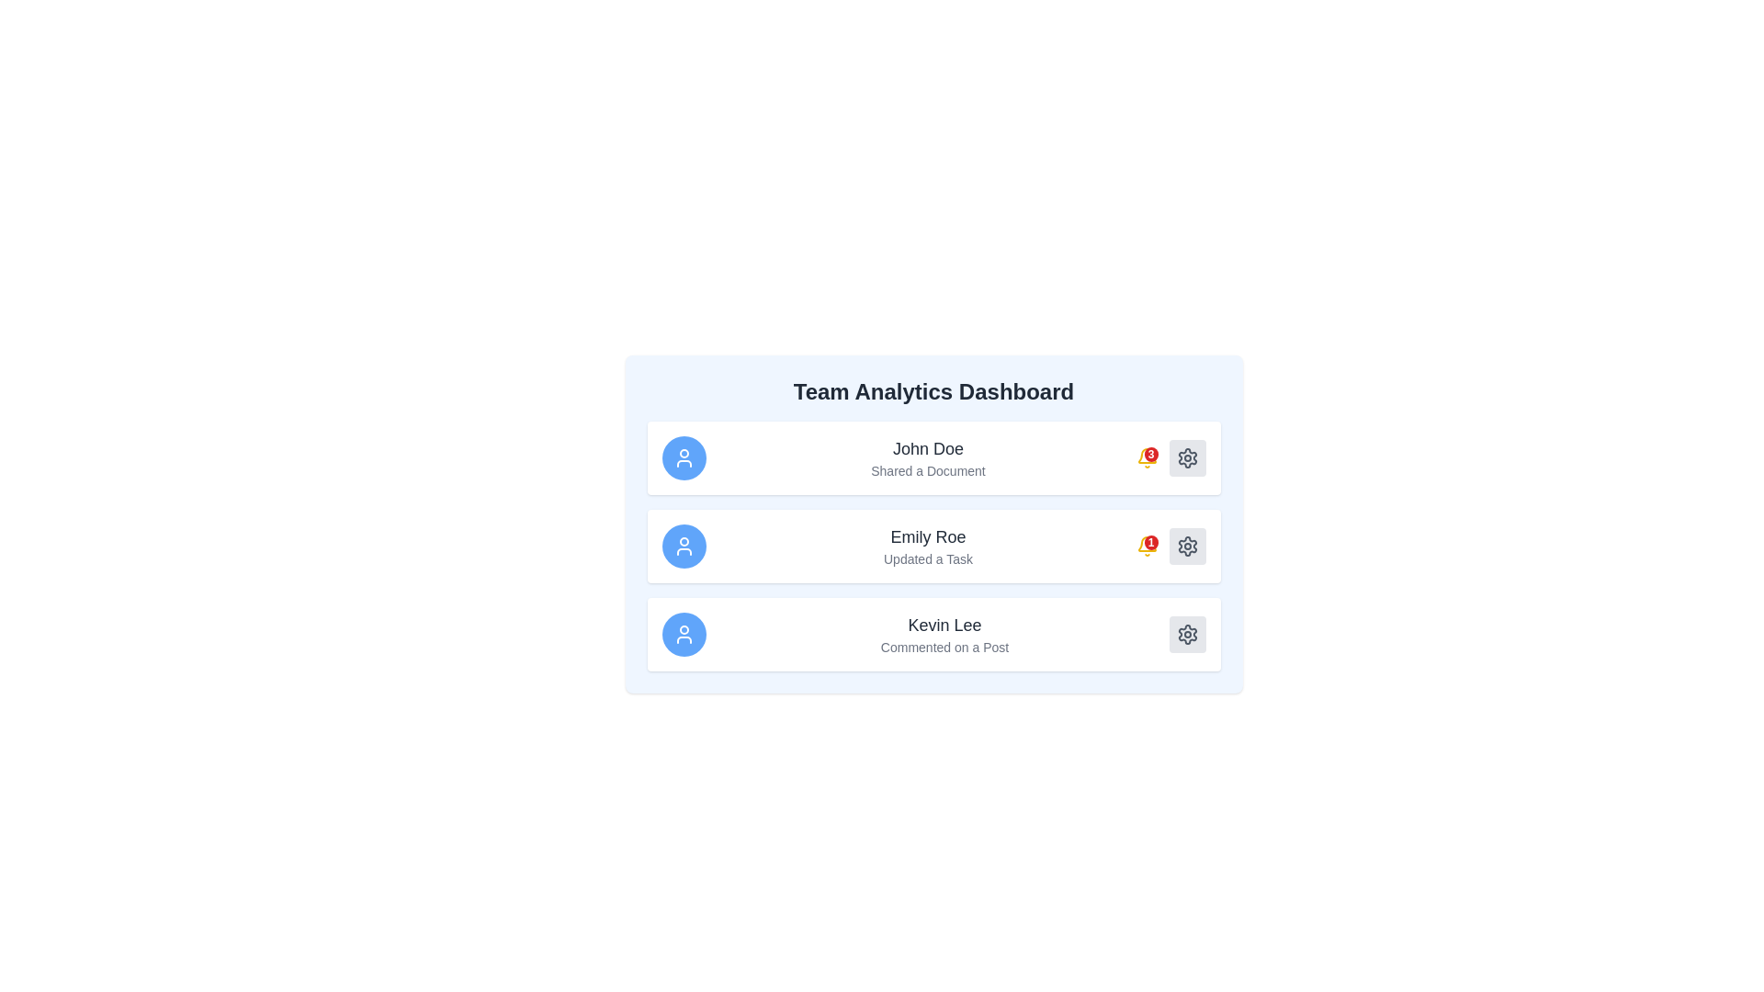  I want to click on information displayed on the Notification card, which is the third card in a vertically stacked list and features a user icon on the left and a gear icon on the right, so click(933, 633).